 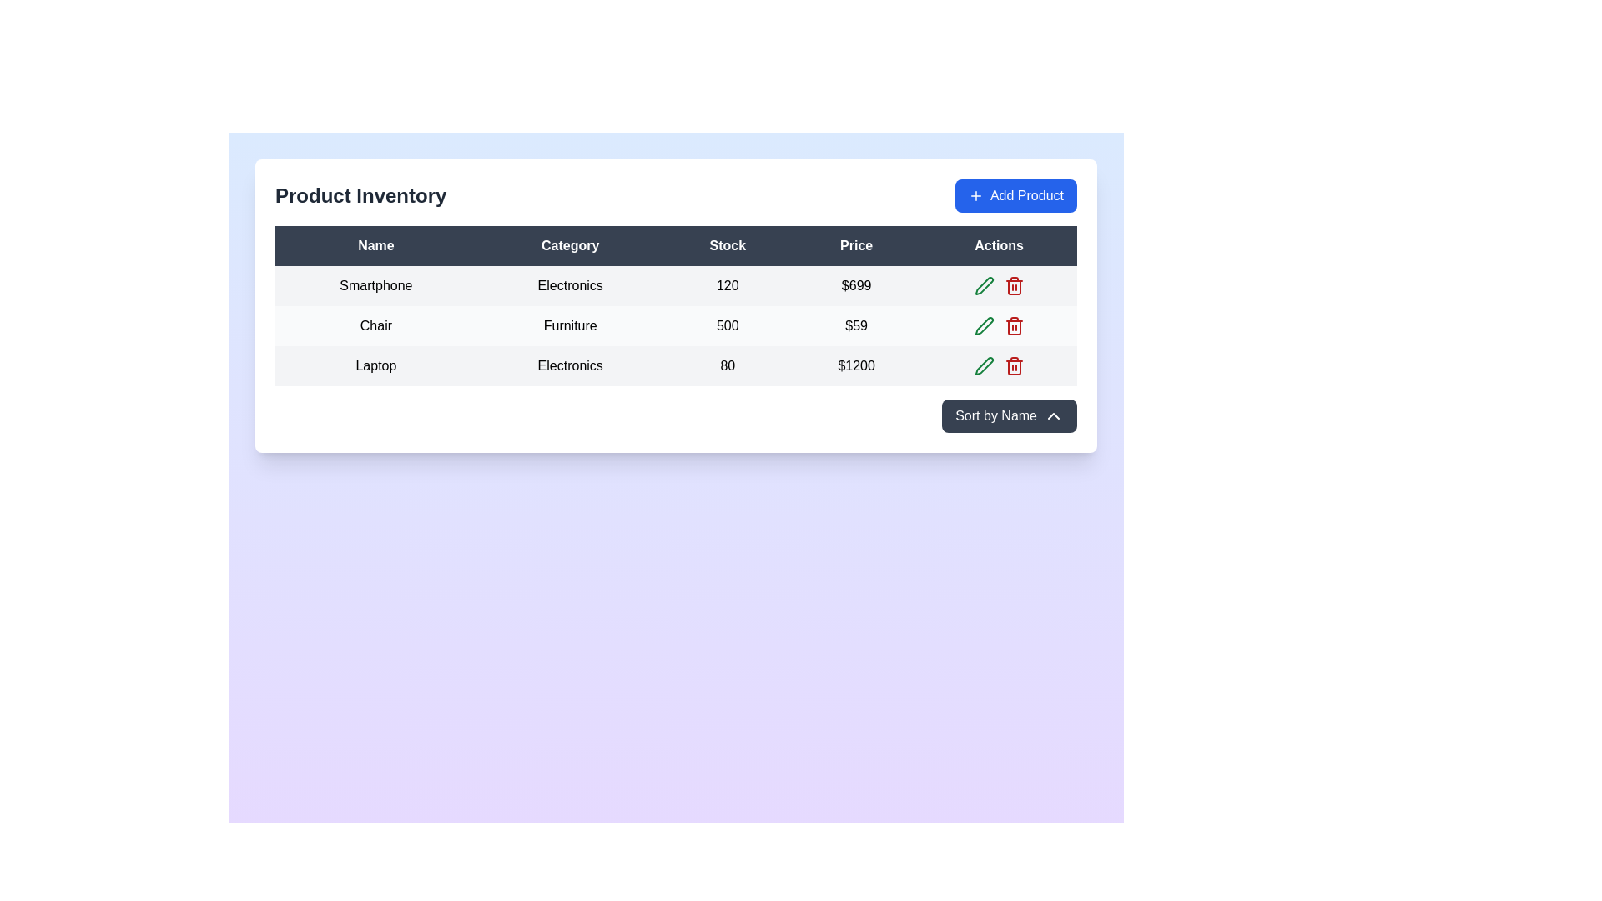 What do you see at coordinates (676, 325) in the screenshot?
I see `the table row containing 'Chair', 'Furniture', '500', and '$59' for a detailed view` at bounding box center [676, 325].